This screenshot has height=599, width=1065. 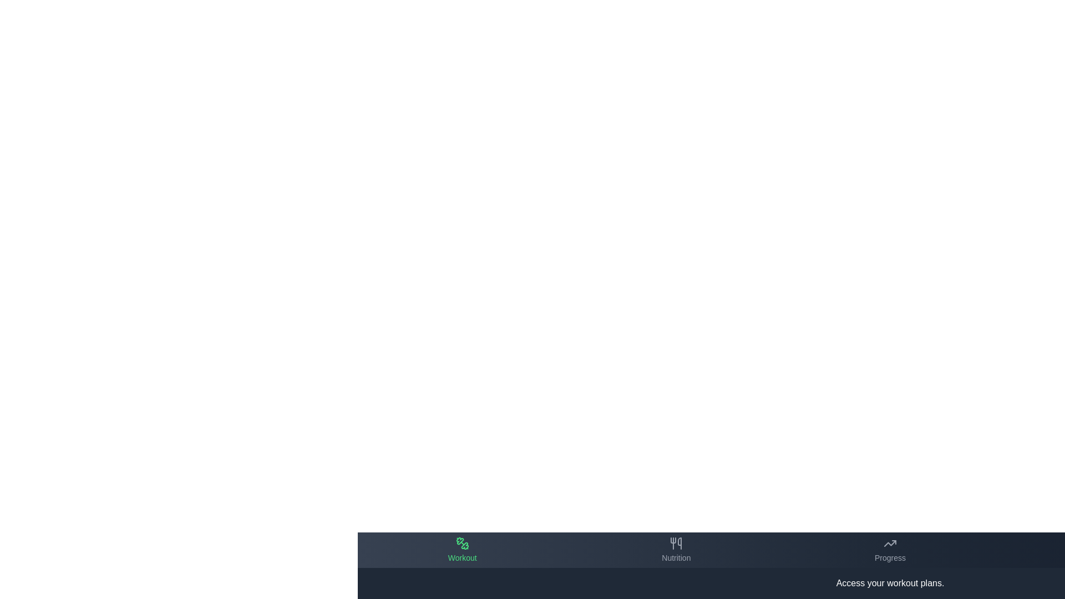 I want to click on the tab labeled Workout to preview its hover effect, so click(x=462, y=550).